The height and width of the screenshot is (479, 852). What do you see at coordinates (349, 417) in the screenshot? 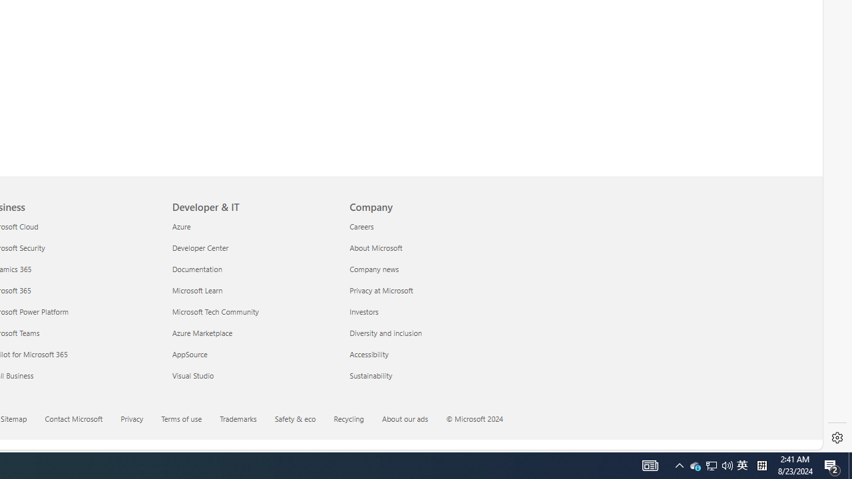
I see `'Recycling'` at bounding box center [349, 417].